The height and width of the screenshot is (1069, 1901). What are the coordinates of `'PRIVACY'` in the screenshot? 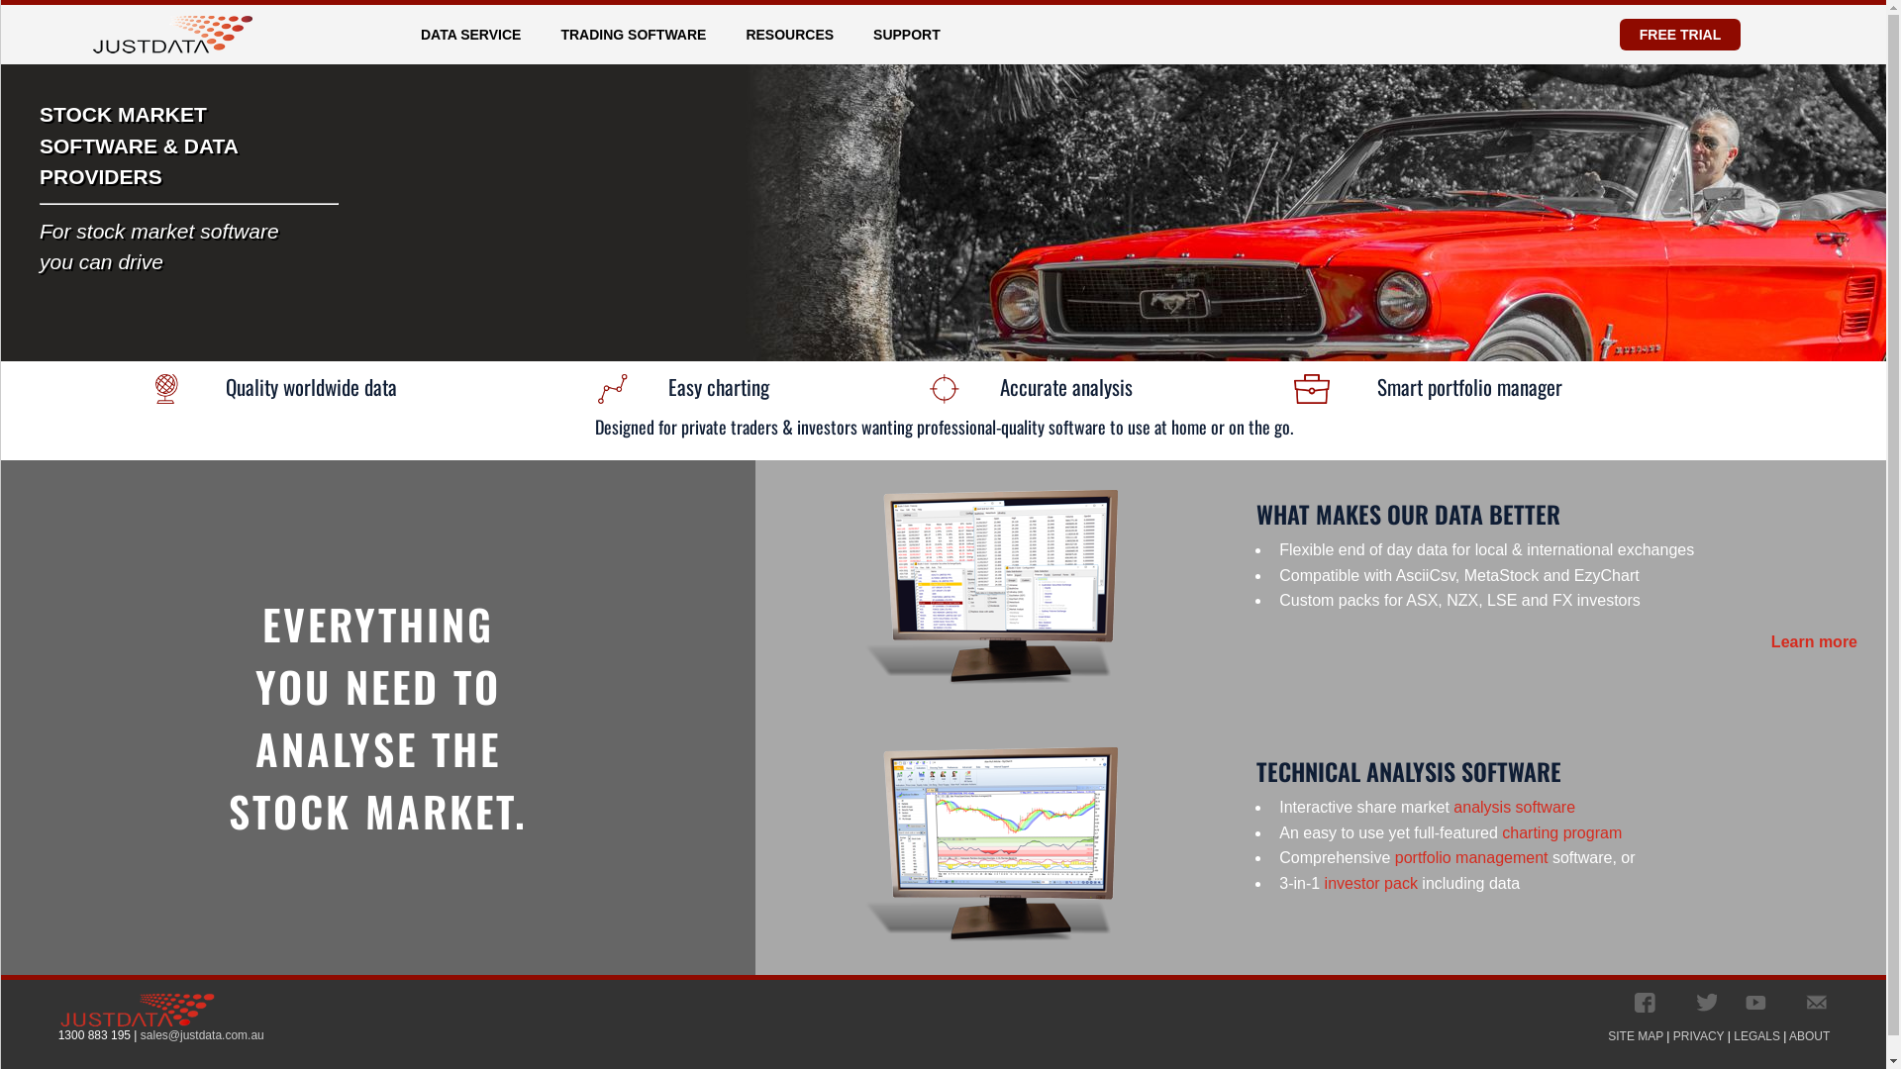 It's located at (1698, 1034).